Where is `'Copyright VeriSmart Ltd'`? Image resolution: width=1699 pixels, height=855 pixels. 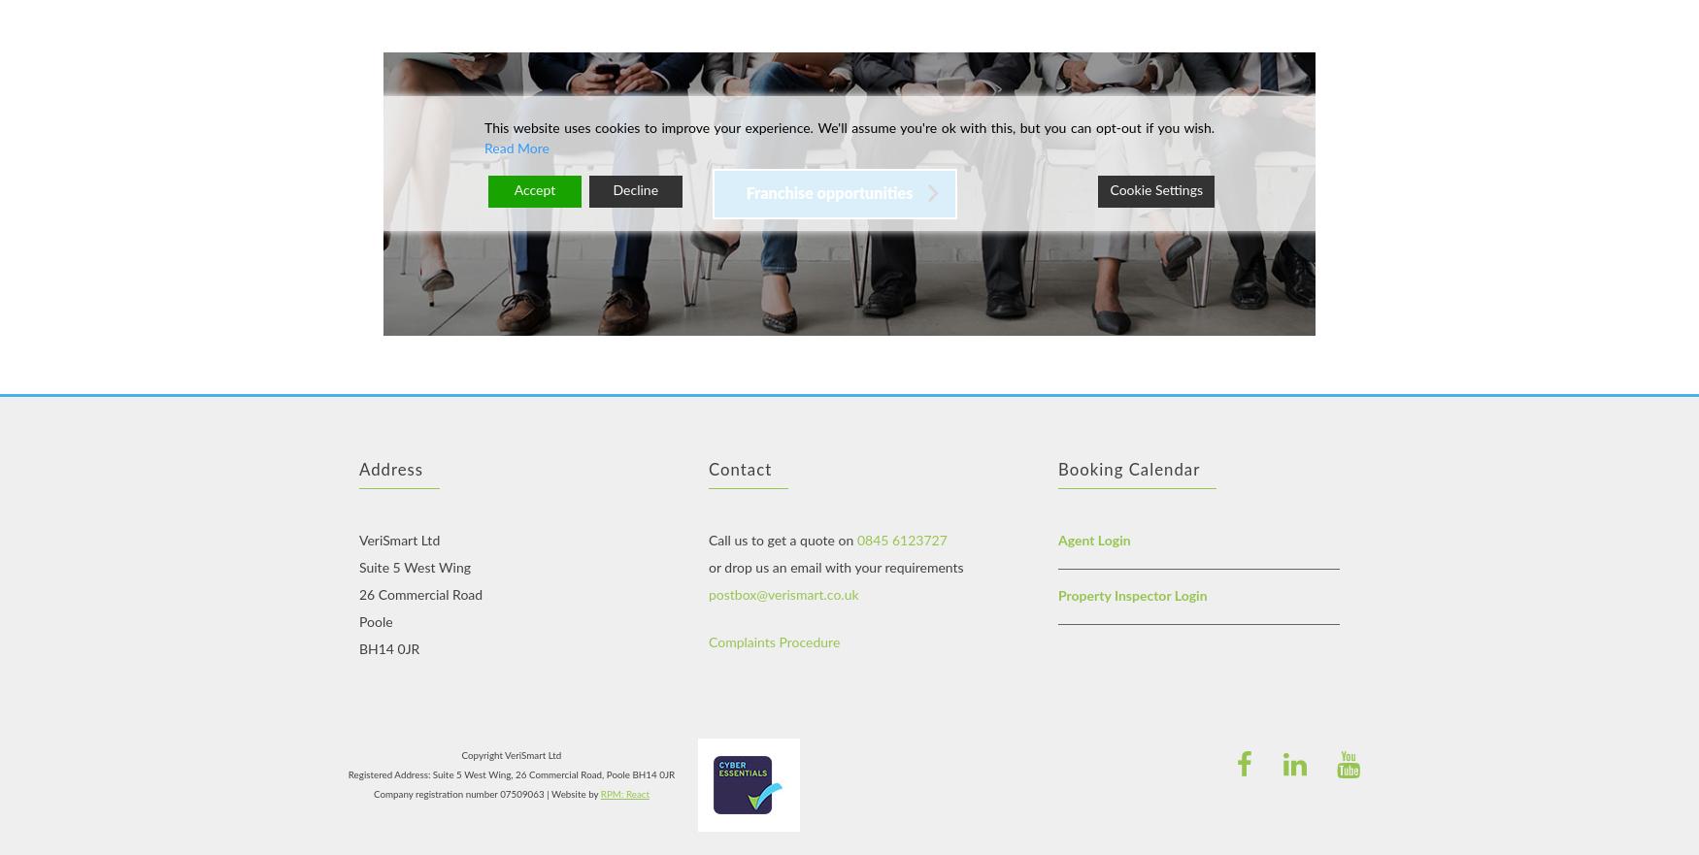
'Copyright VeriSmart Ltd' is located at coordinates (510, 754).